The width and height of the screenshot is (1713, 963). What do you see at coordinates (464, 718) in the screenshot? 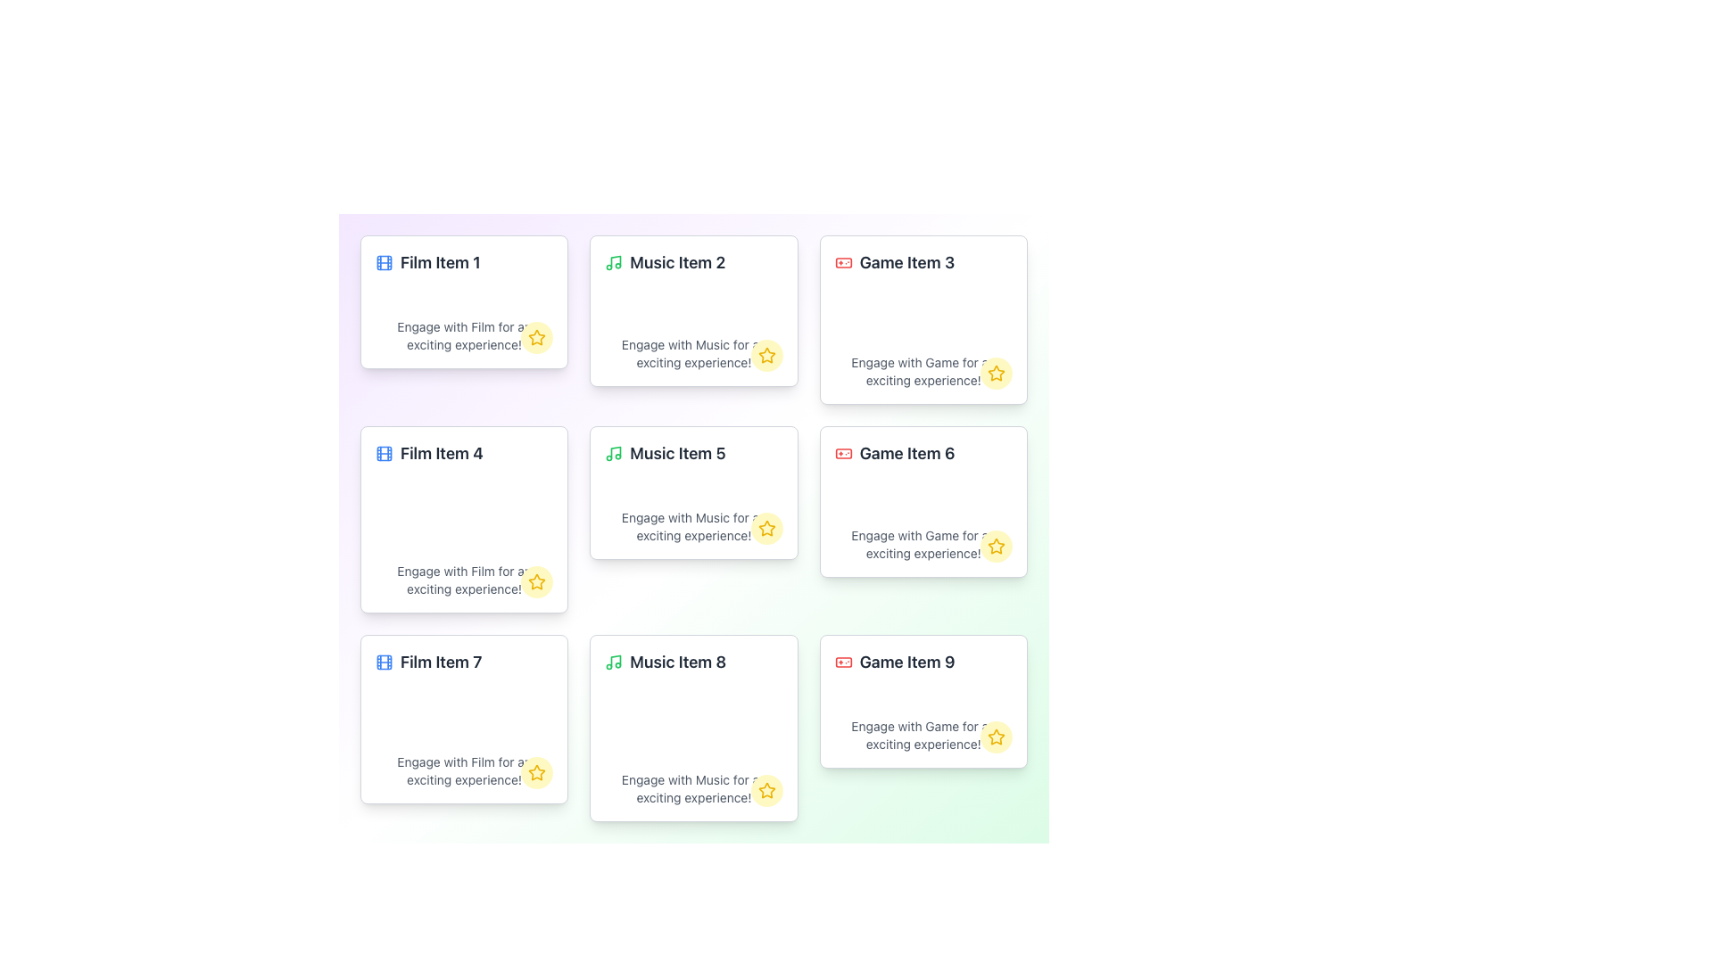
I see `to select the Information Tile displaying details about a film-related item, located in the leftmost column of the third row of a 3x3 grid layout` at bounding box center [464, 718].